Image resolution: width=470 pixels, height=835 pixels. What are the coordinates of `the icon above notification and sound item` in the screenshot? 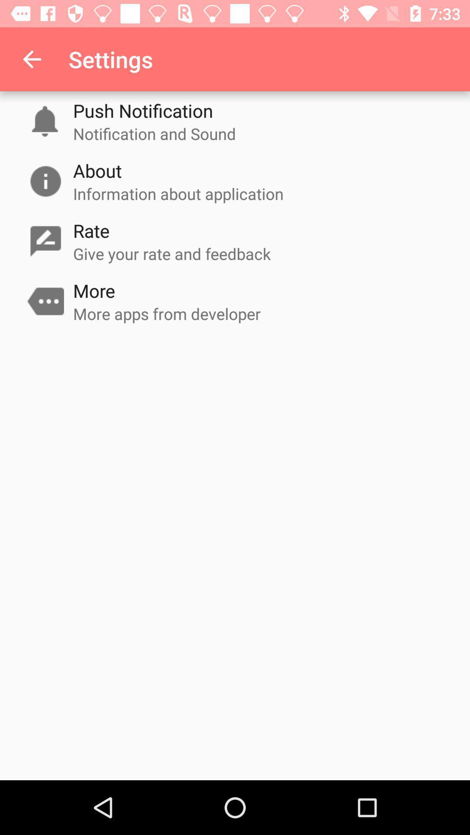 It's located at (142, 110).